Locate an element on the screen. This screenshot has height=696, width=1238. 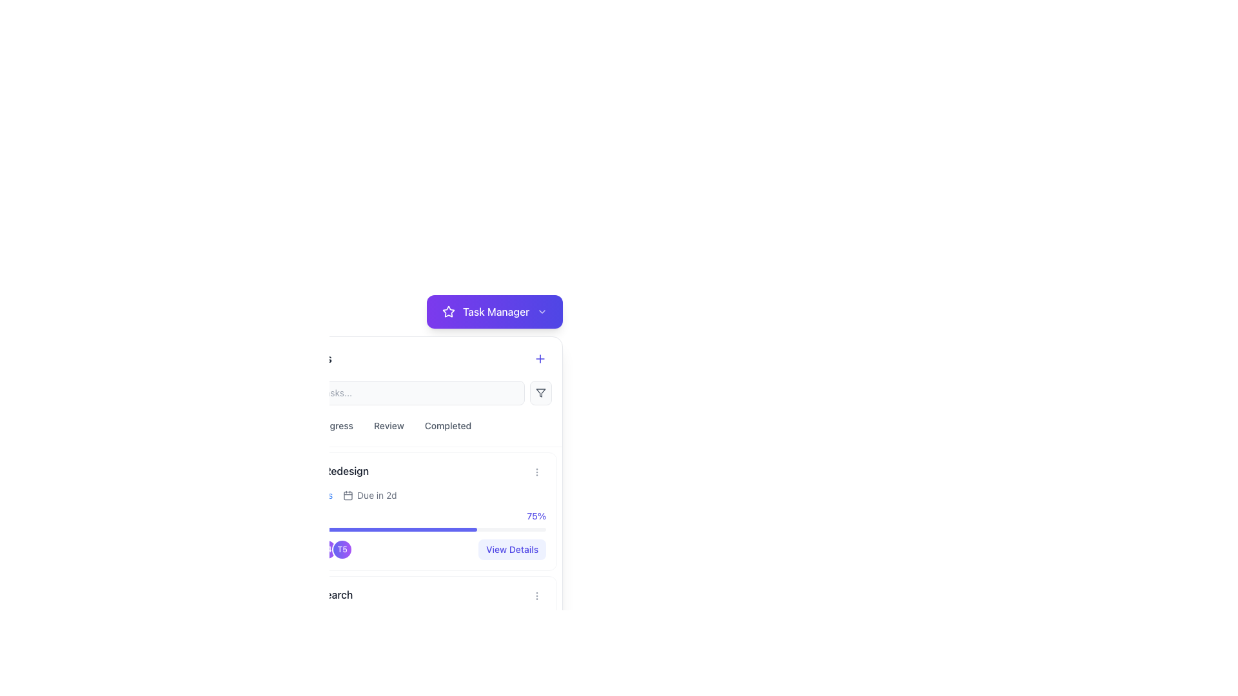
the button located on the right side of the 'User Research' section is located at coordinates (537, 596).